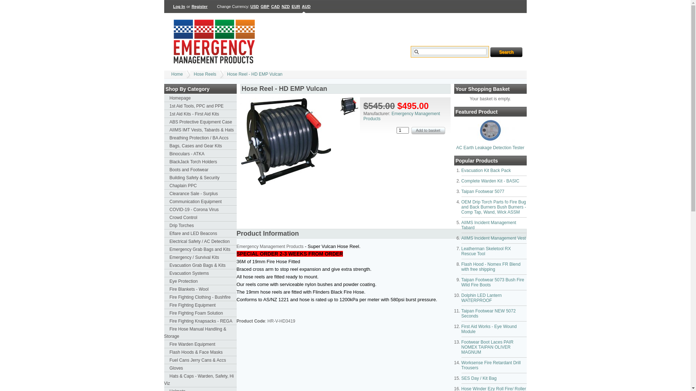 The height and width of the screenshot is (391, 696). Describe the element at coordinates (200, 146) in the screenshot. I see `'Bags, Cases and Gear Kits'` at that location.